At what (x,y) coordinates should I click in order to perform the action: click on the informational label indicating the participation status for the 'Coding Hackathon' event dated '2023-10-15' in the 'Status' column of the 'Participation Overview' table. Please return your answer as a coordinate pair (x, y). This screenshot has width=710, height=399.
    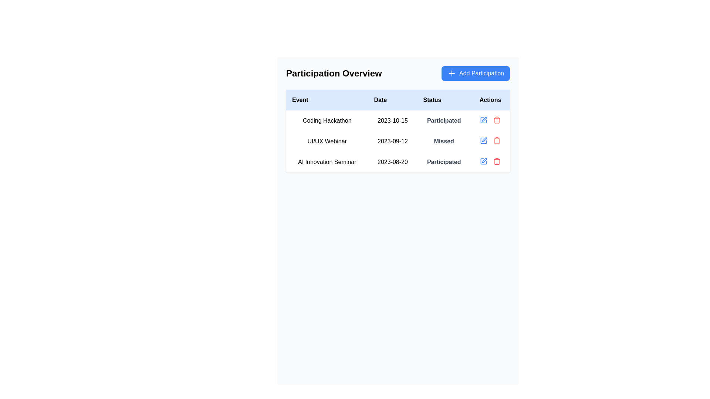
    Looking at the image, I should click on (444, 120).